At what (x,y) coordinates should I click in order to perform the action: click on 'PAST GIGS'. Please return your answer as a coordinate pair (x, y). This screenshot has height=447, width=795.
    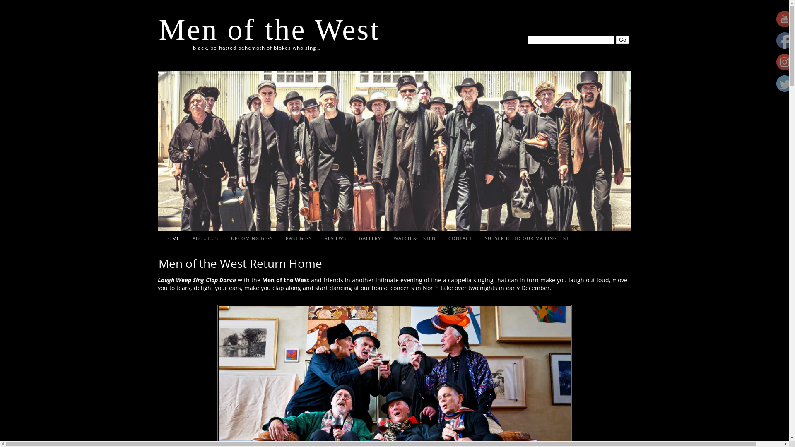
    Looking at the image, I should click on (298, 238).